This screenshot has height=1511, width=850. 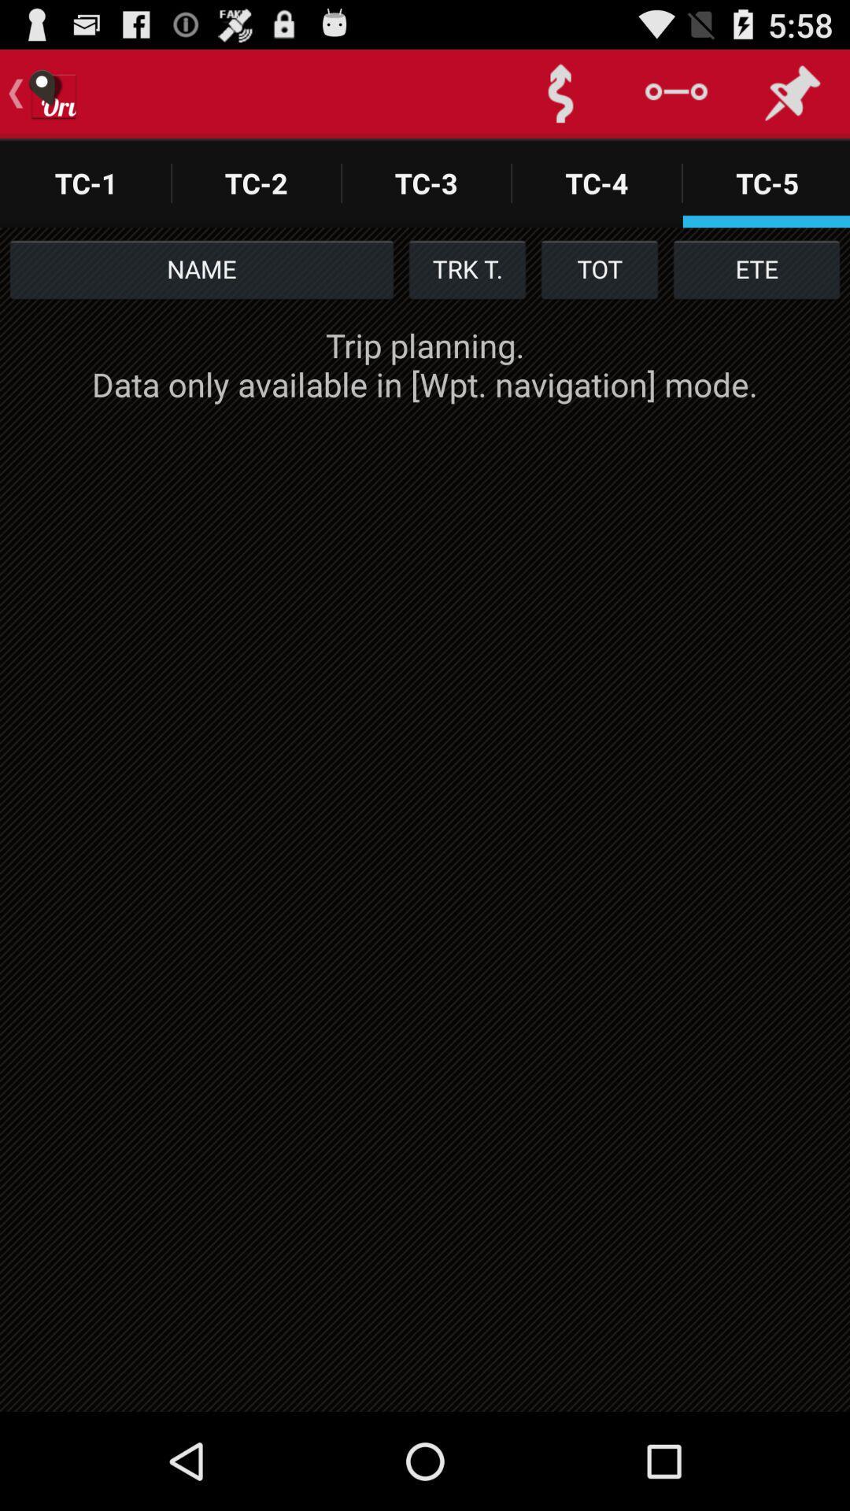 I want to click on icon to the right of trk t. icon, so click(x=600, y=268).